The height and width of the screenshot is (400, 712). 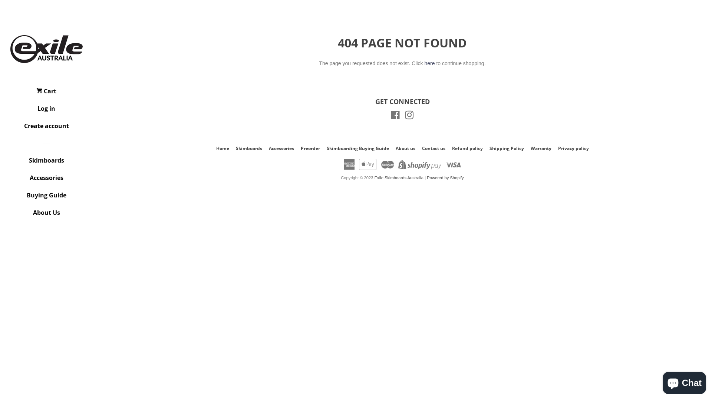 What do you see at coordinates (310, 148) in the screenshot?
I see `'Preorder'` at bounding box center [310, 148].